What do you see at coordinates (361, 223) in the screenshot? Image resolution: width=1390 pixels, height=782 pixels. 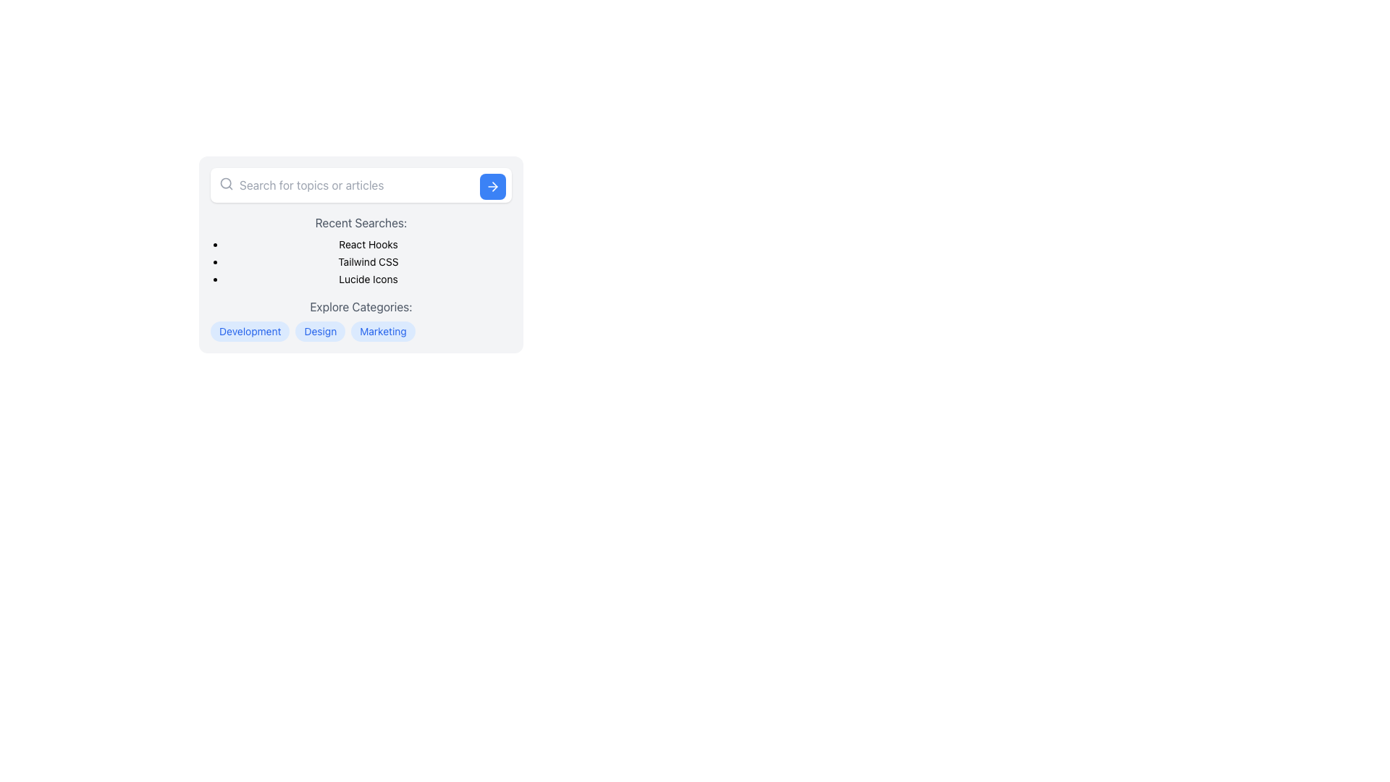 I see `the Static Text Label that displays 'Recent Searches:' styled in gray font, which is centered horizontally above a bullet-point list of prior searches` at bounding box center [361, 223].